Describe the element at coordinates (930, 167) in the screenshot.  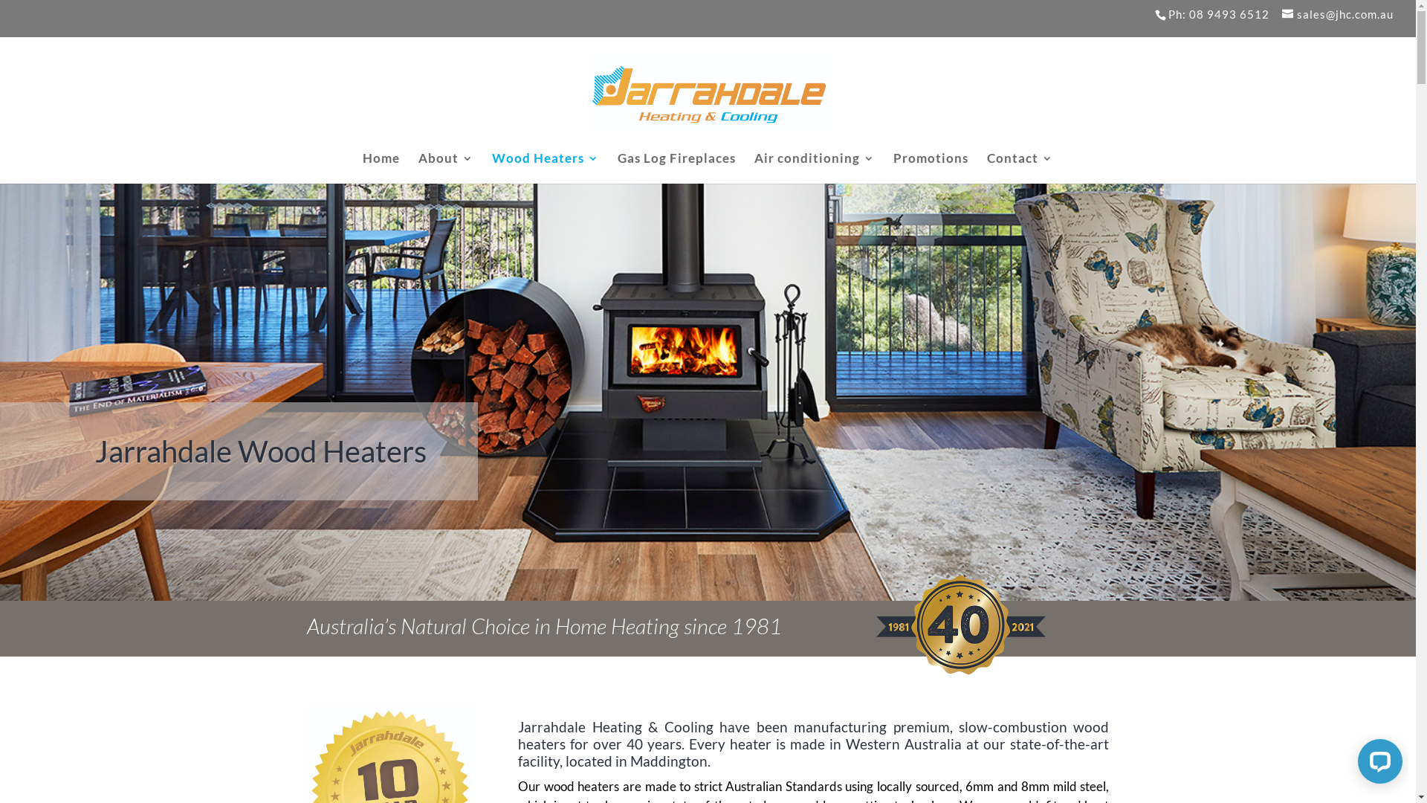
I see `'Promotions'` at that location.